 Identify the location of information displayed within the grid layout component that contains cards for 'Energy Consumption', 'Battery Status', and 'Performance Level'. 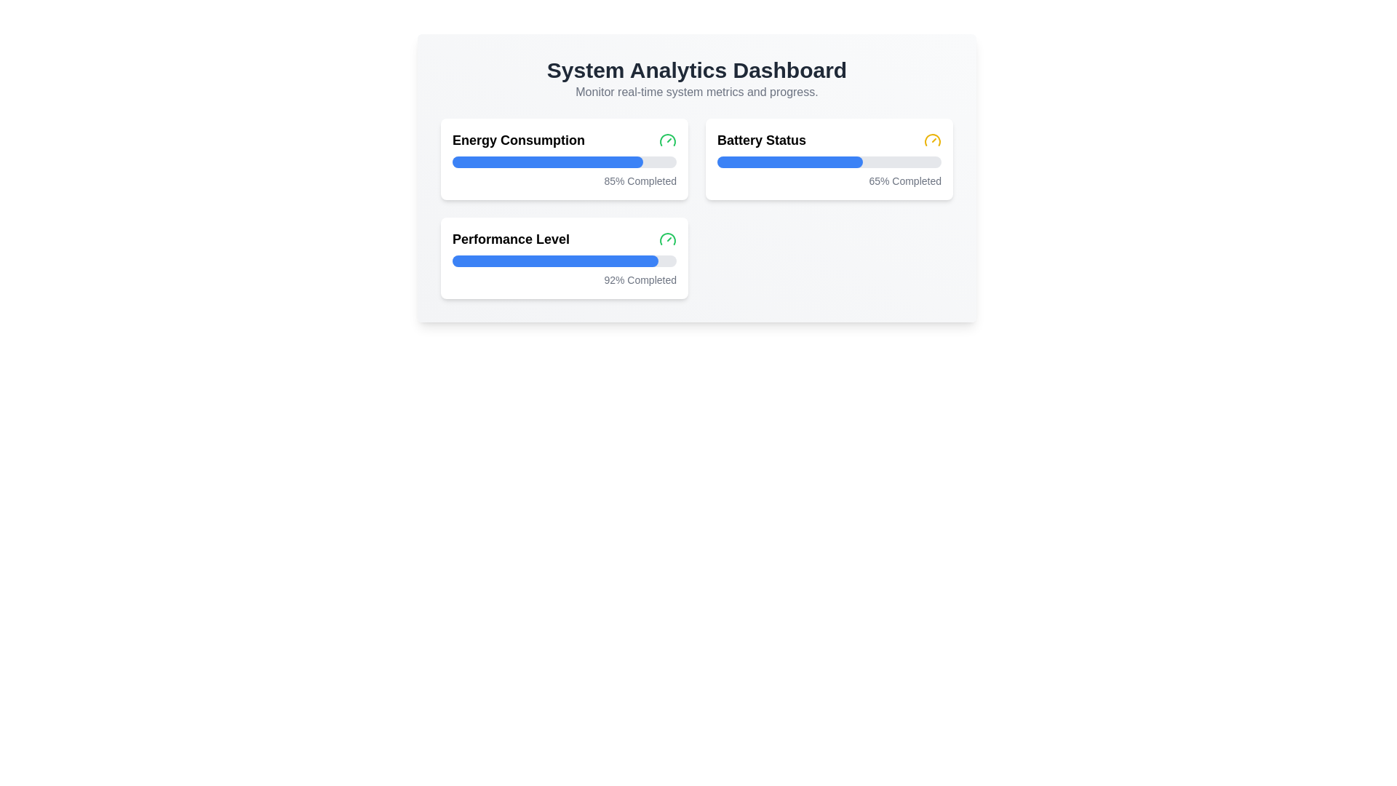
(696, 208).